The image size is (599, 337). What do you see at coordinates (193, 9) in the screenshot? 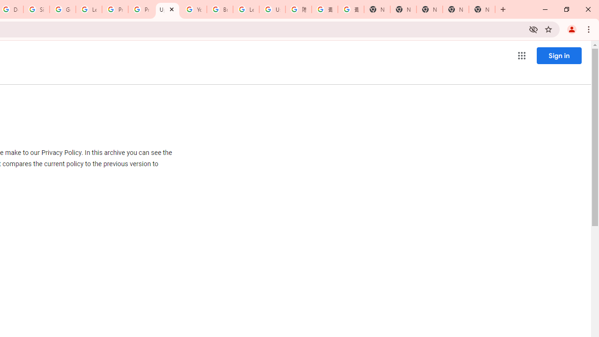
I see `'YouTube'` at bounding box center [193, 9].